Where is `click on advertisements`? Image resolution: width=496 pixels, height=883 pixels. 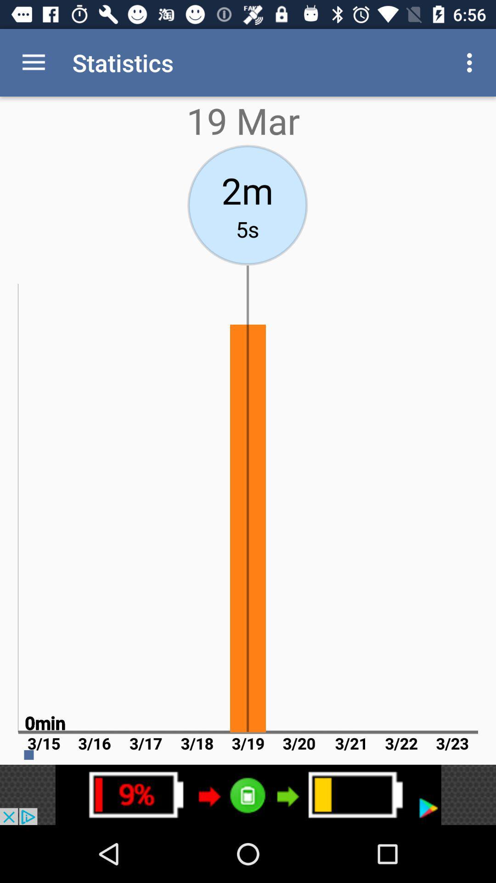 click on advertisements is located at coordinates (248, 794).